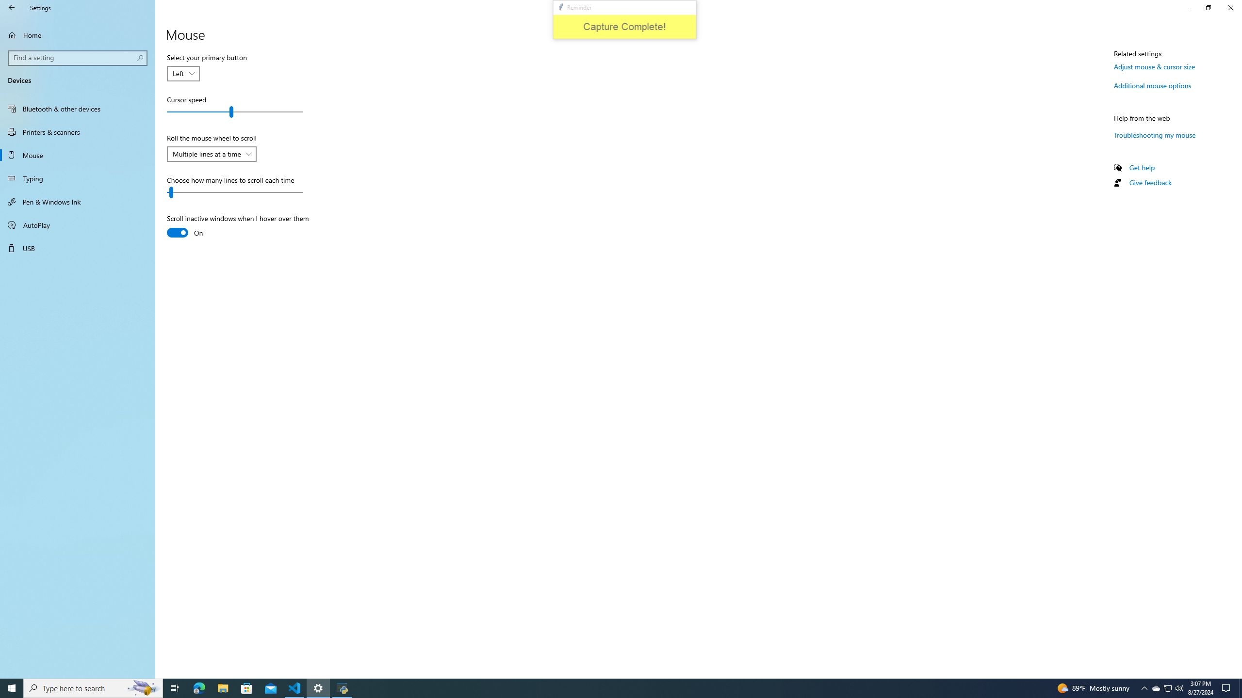  What do you see at coordinates (77, 247) in the screenshot?
I see `'USB'` at bounding box center [77, 247].